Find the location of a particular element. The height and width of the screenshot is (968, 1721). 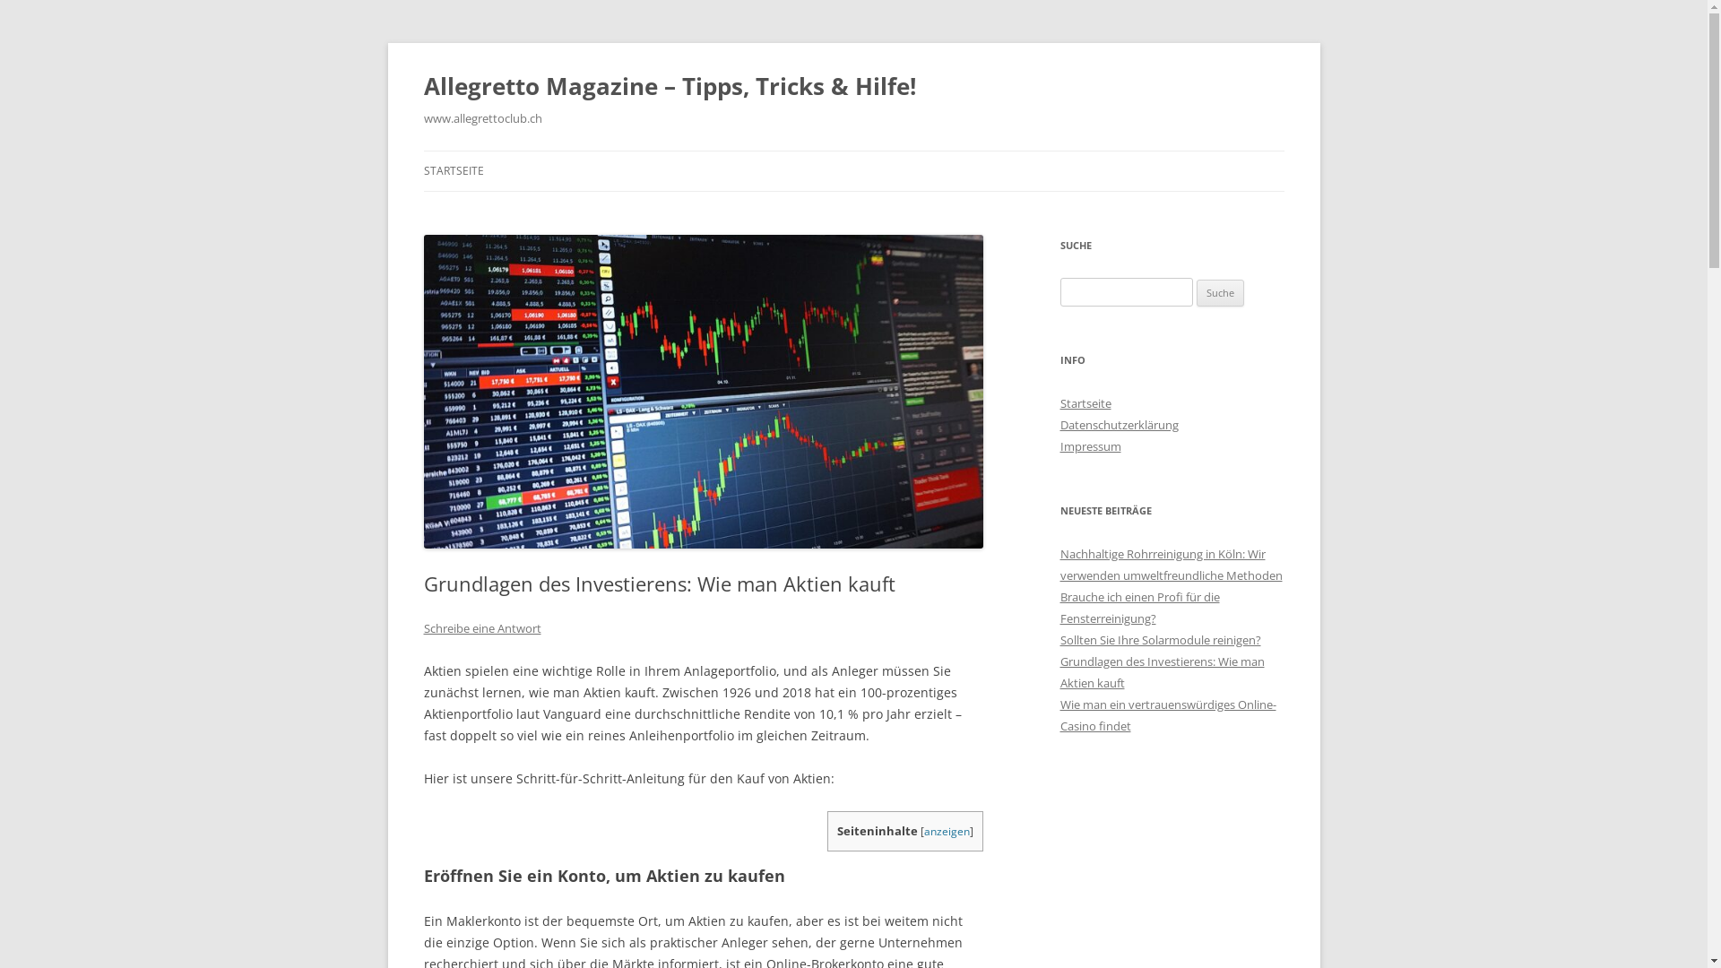

'Suche' is located at coordinates (1219, 292).